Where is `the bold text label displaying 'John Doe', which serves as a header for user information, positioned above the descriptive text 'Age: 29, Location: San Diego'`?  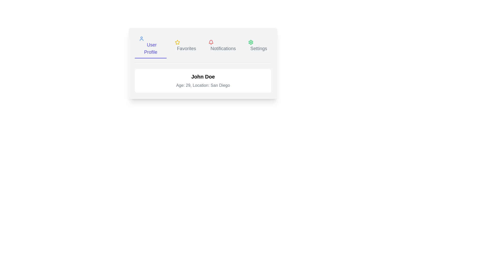
the bold text label displaying 'John Doe', which serves as a header for user information, positioned above the descriptive text 'Age: 29, Location: San Diego' is located at coordinates (203, 77).